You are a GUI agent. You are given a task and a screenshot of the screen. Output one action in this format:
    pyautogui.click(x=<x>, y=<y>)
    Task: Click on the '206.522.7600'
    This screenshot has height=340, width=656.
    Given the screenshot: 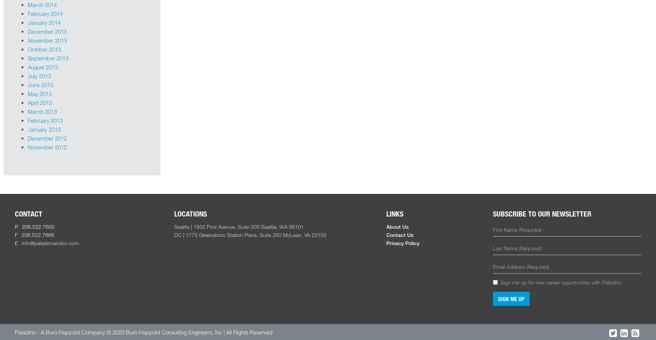 What is the action you would take?
    pyautogui.click(x=38, y=226)
    